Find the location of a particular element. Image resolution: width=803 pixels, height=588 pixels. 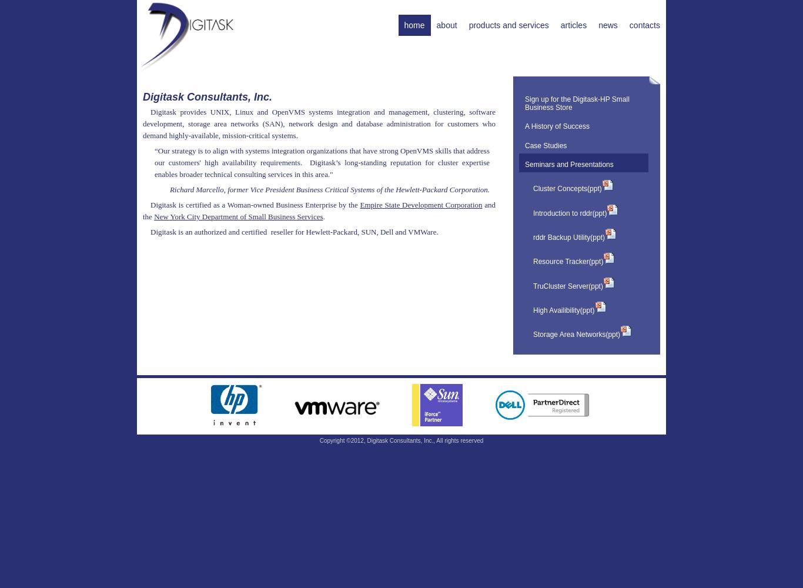

'Seminars and Presentations' is located at coordinates (568, 164).